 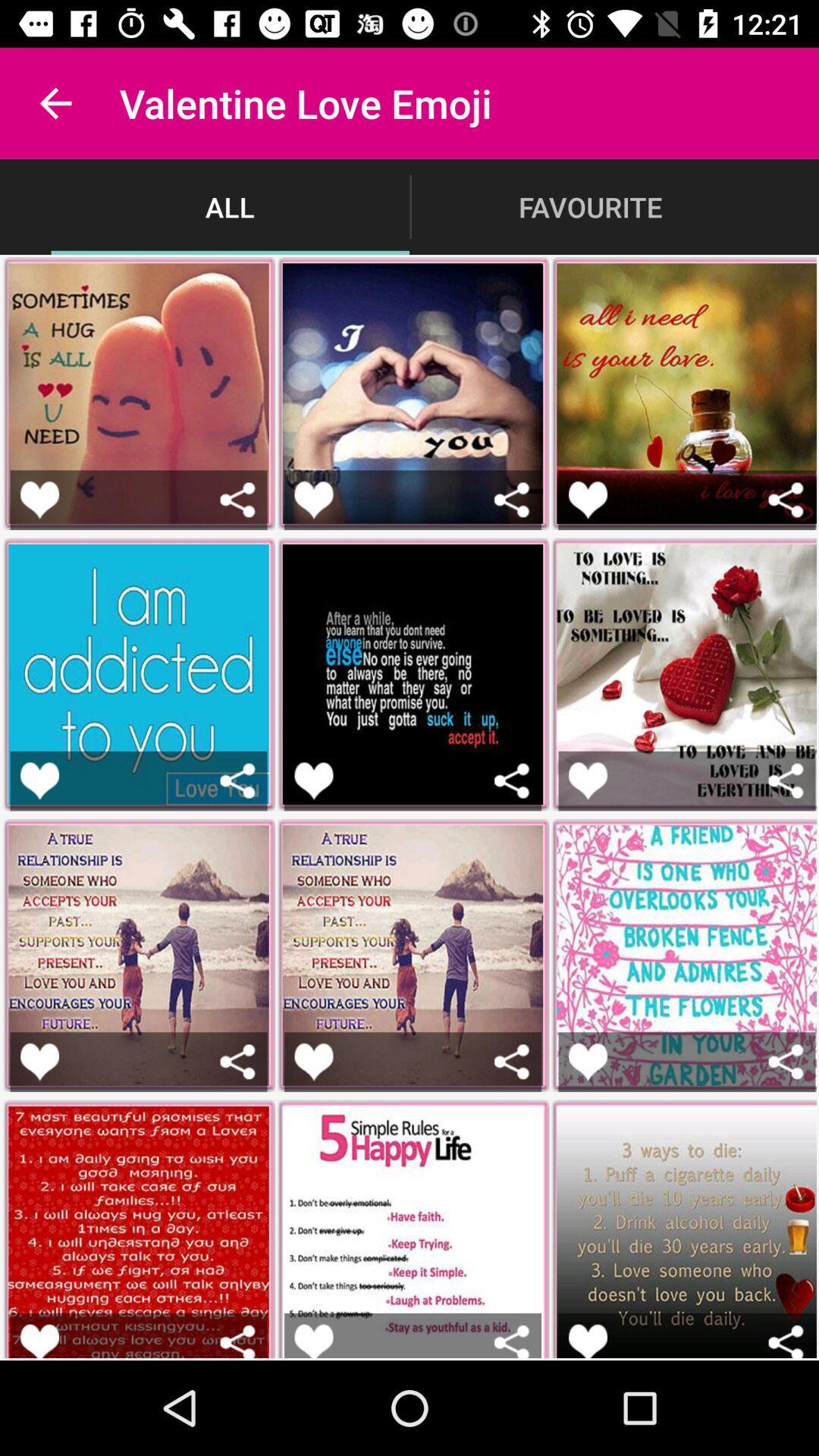 I want to click on like this image, so click(x=39, y=780).